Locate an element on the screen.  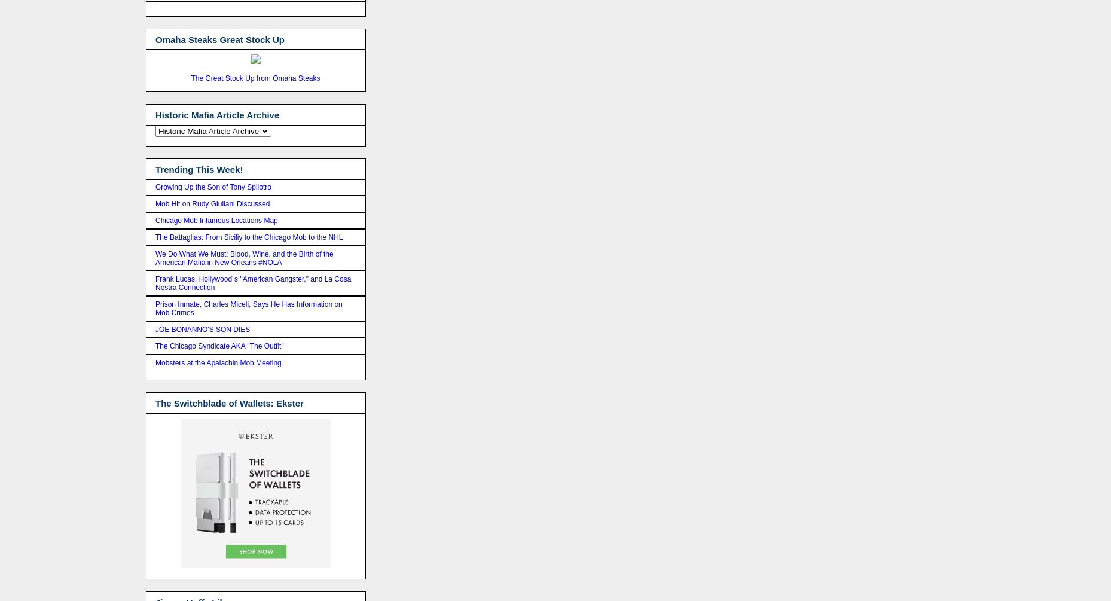
'Historic Mafia Article Archive' is located at coordinates (217, 114).